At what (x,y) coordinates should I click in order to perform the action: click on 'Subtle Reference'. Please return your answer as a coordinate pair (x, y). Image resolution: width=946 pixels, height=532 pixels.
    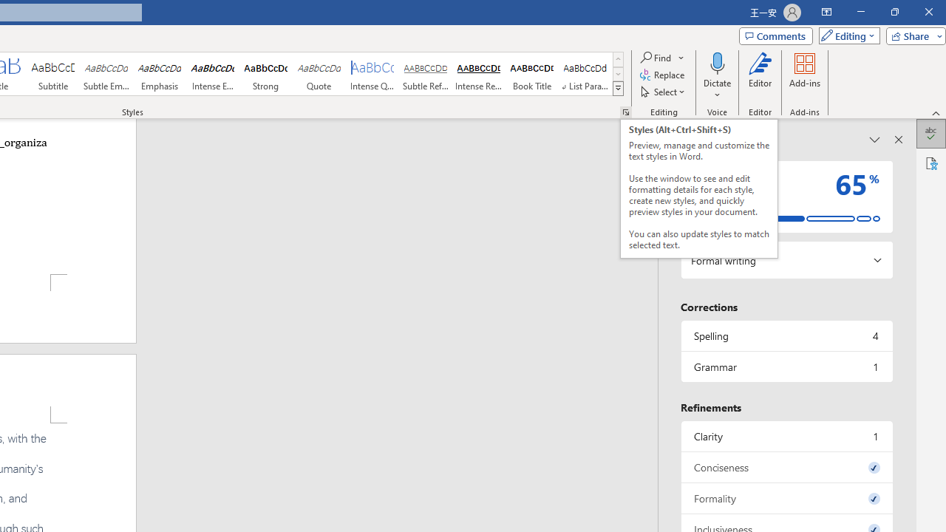
    Looking at the image, I should click on (425, 74).